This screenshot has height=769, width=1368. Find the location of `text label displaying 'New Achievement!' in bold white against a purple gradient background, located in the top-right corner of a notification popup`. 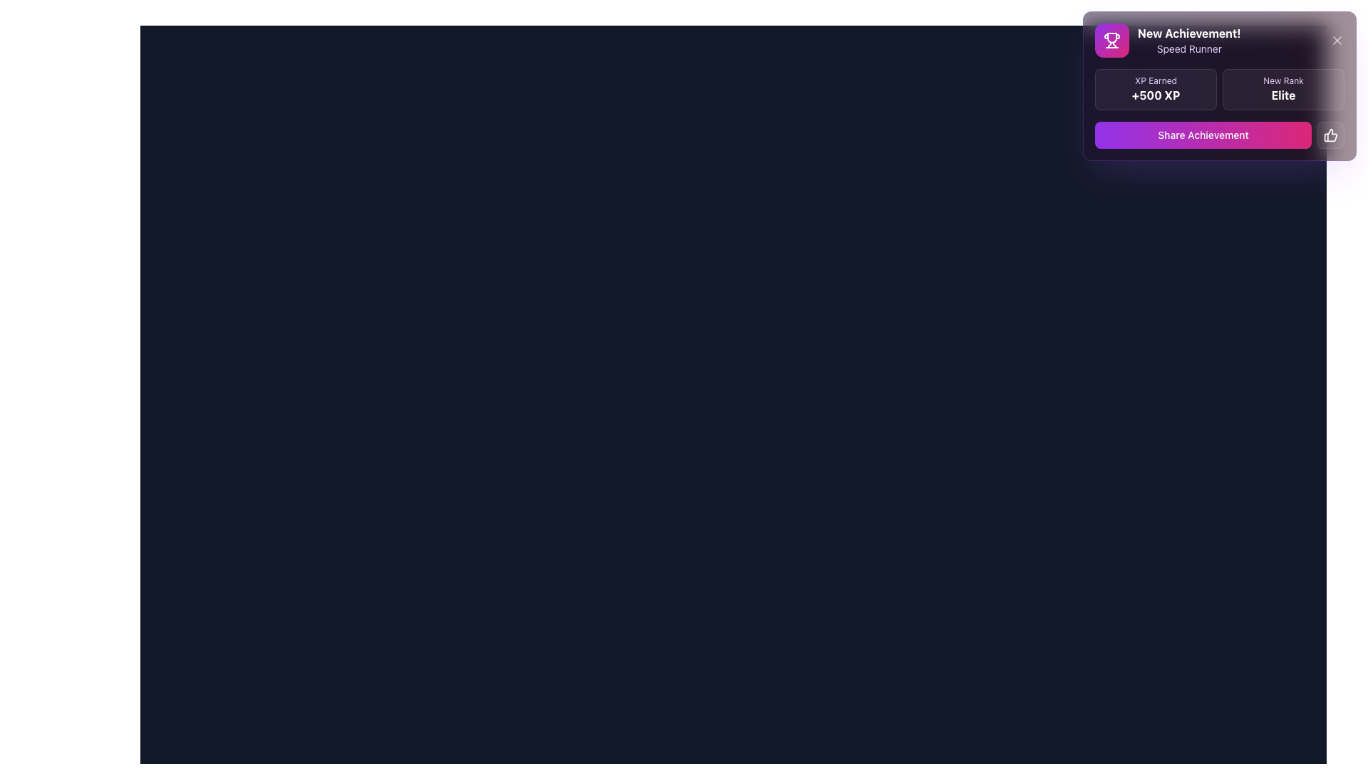

text label displaying 'New Achievement!' in bold white against a purple gradient background, located in the top-right corner of a notification popup is located at coordinates (1189, 32).